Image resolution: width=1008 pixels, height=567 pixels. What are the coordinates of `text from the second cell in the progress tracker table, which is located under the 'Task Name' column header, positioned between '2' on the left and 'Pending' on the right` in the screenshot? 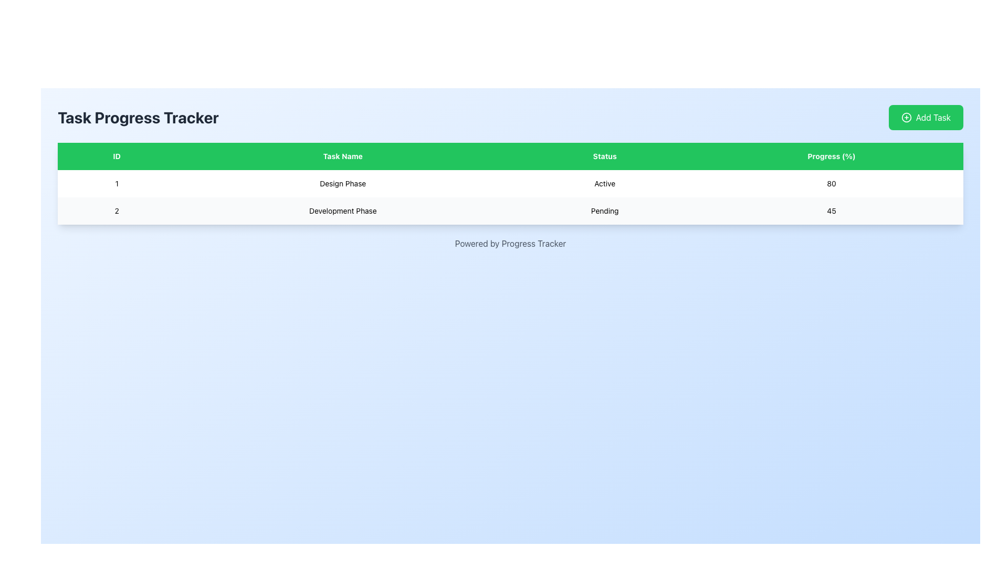 It's located at (343, 211).